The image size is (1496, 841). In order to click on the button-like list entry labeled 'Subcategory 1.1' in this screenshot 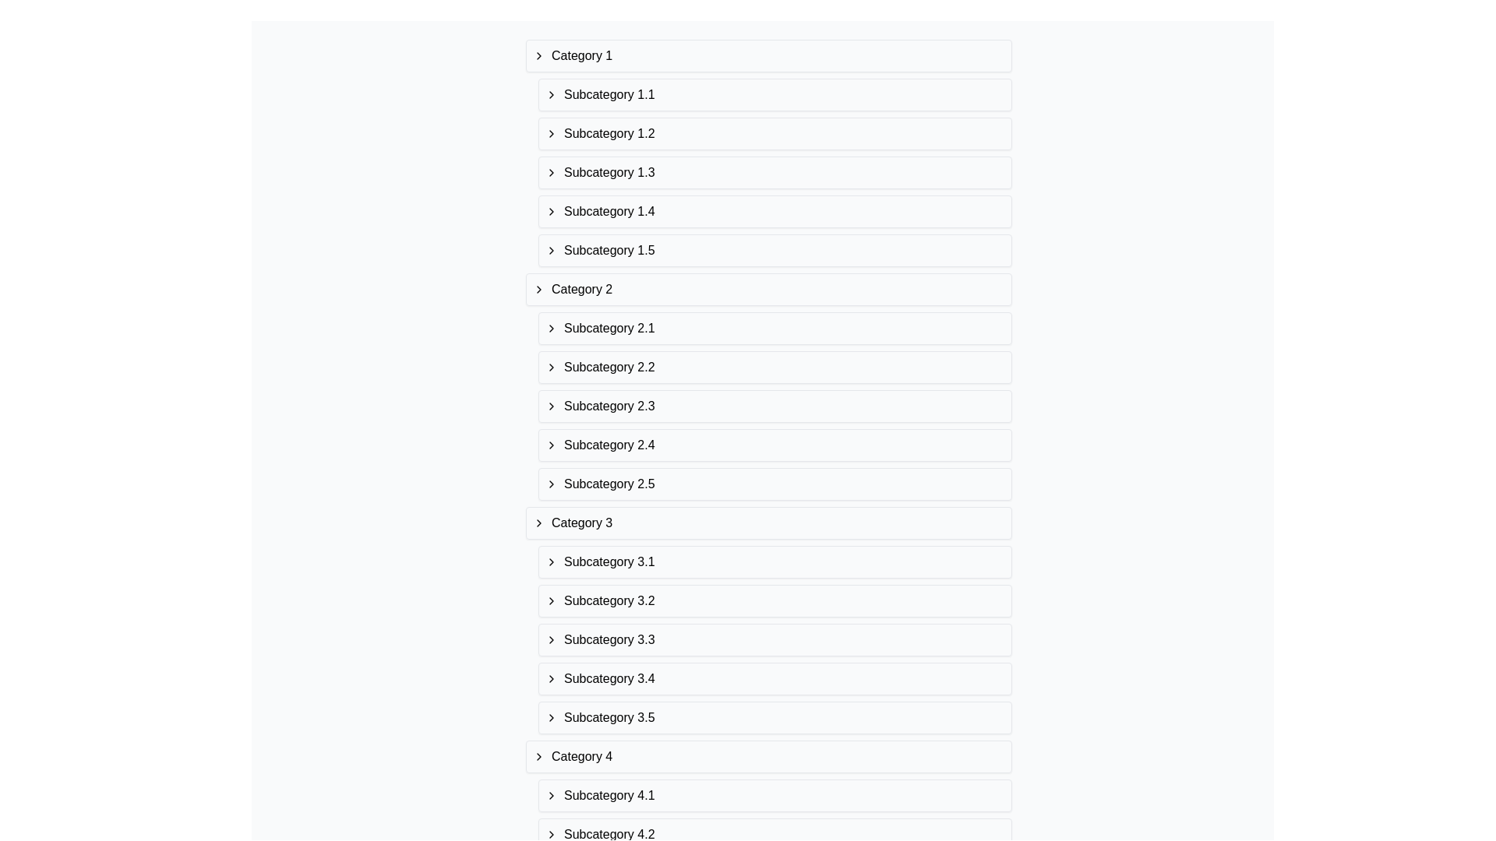, I will do `click(774, 95)`.